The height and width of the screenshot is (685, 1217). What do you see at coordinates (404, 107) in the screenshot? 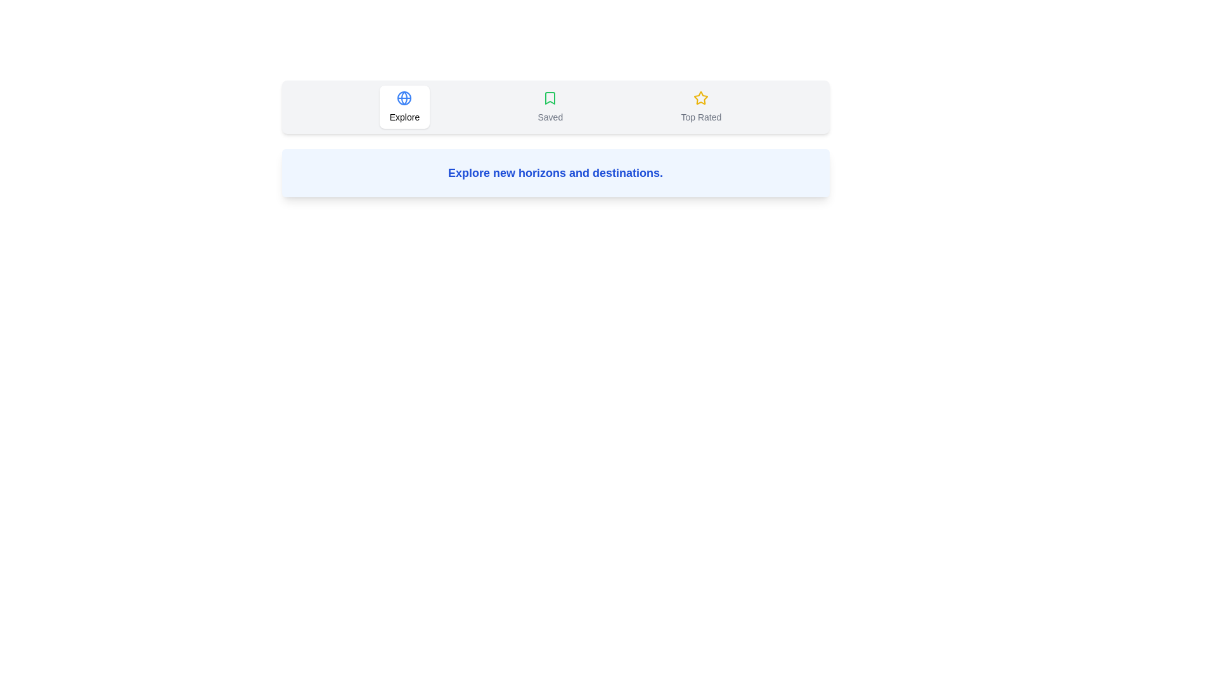
I see `the Explore tab` at bounding box center [404, 107].